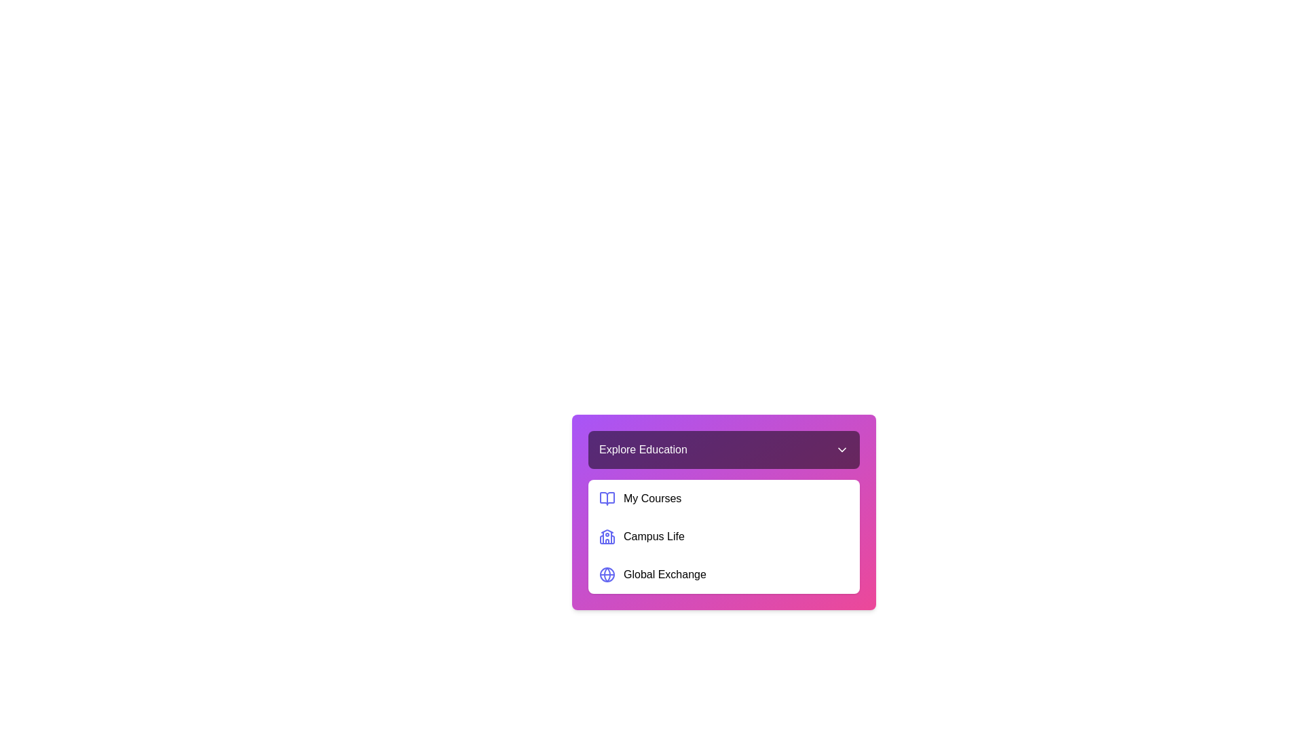 The height and width of the screenshot is (733, 1303). Describe the element at coordinates (606, 575) in the screenshot. I see `the SVG circle element that is part of the 'globe' icon, which is located next to the 'Global Exchange' menu item` at that location.